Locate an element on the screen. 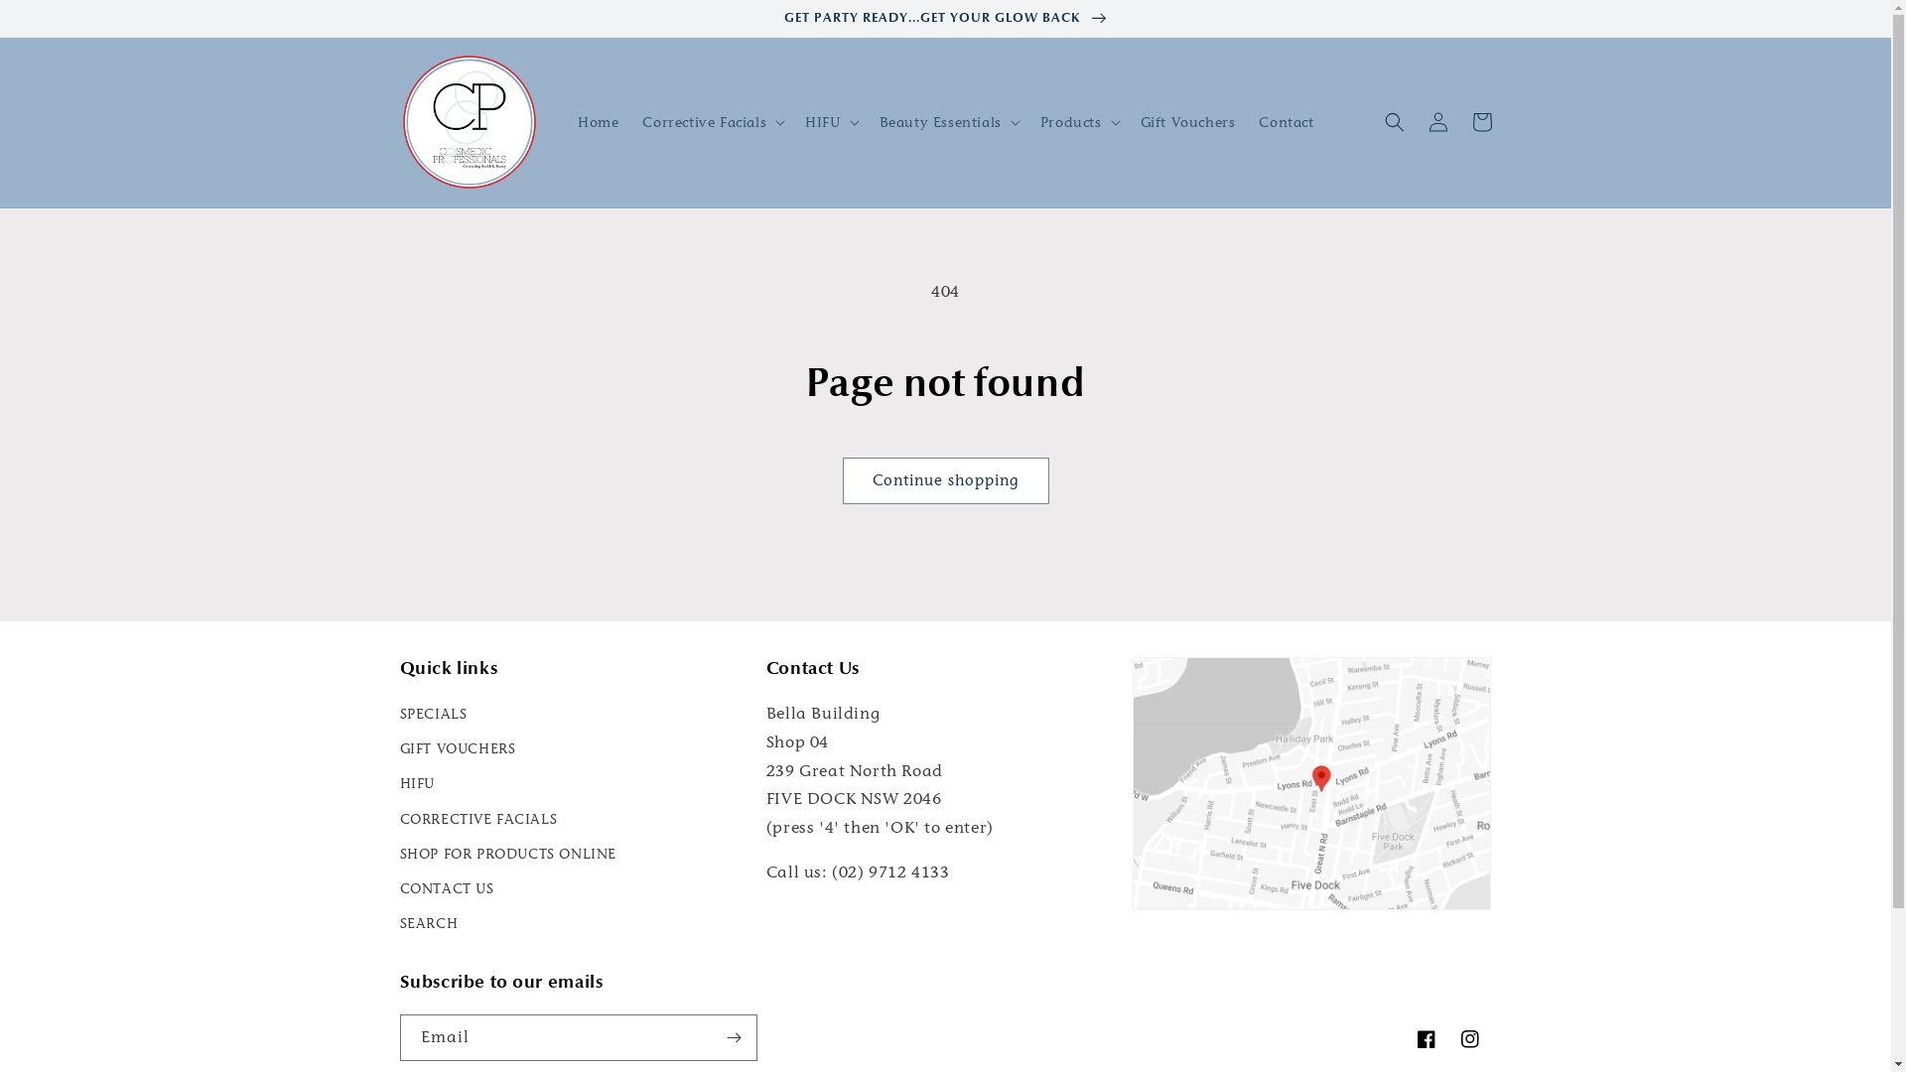 This screenshot has width=1906, height=1072. 'Cart' is located at coordinates (1481, 122).